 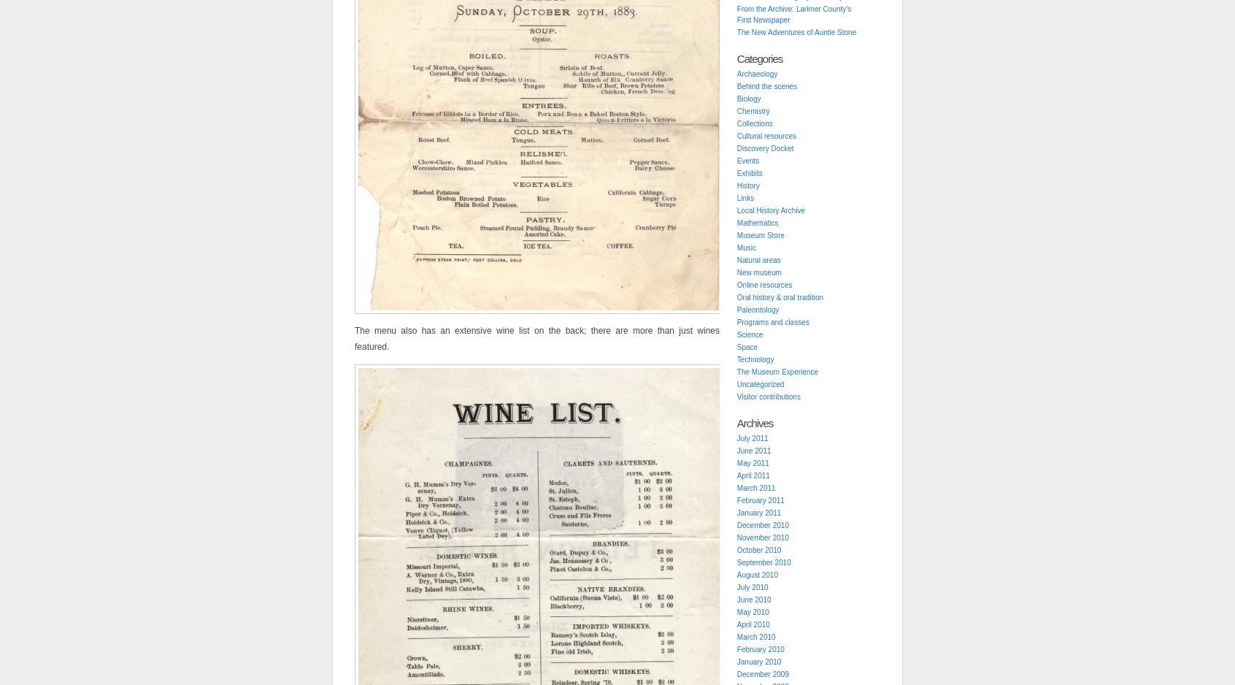 What do you see at coordinates (763, 284) in the screenshot?
I see `'Online resources'` at bounding box center [763, 284].